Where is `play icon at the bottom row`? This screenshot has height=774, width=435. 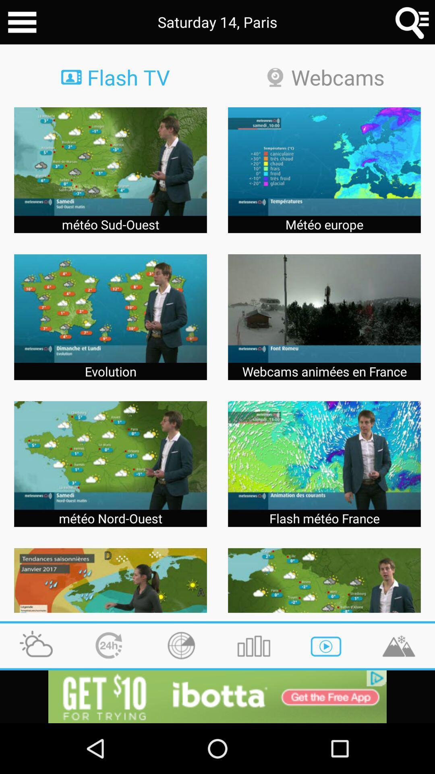
play icon at the bottom row is located at coordinates (326, 646).